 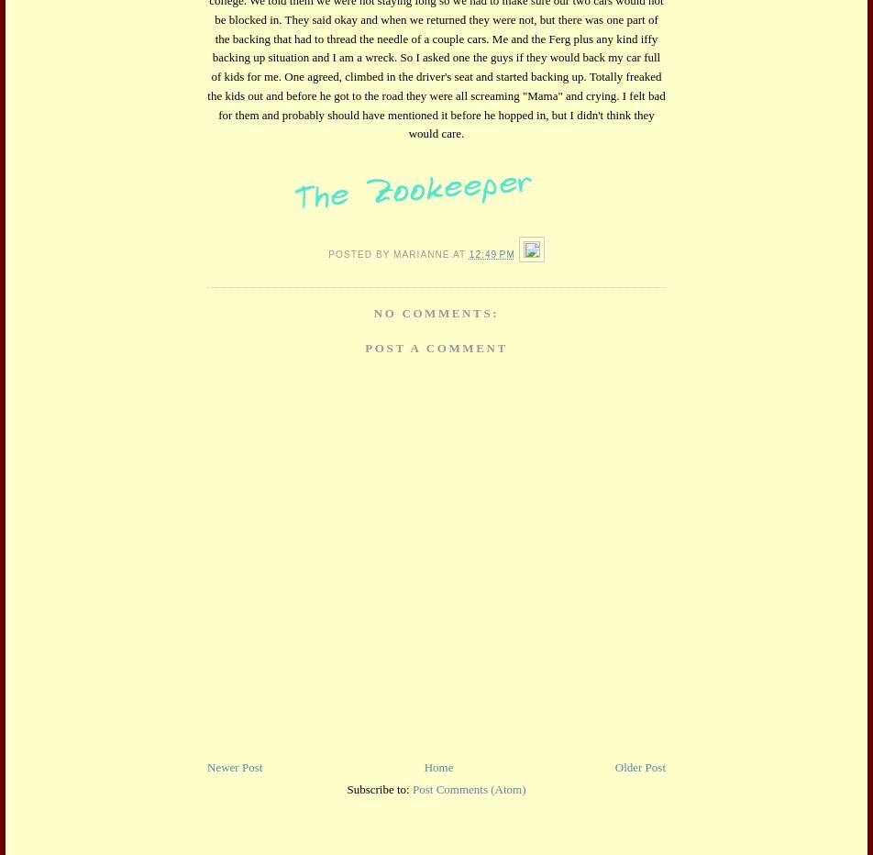 I want to click on 'Newer Post', so click(x=234, y=766).